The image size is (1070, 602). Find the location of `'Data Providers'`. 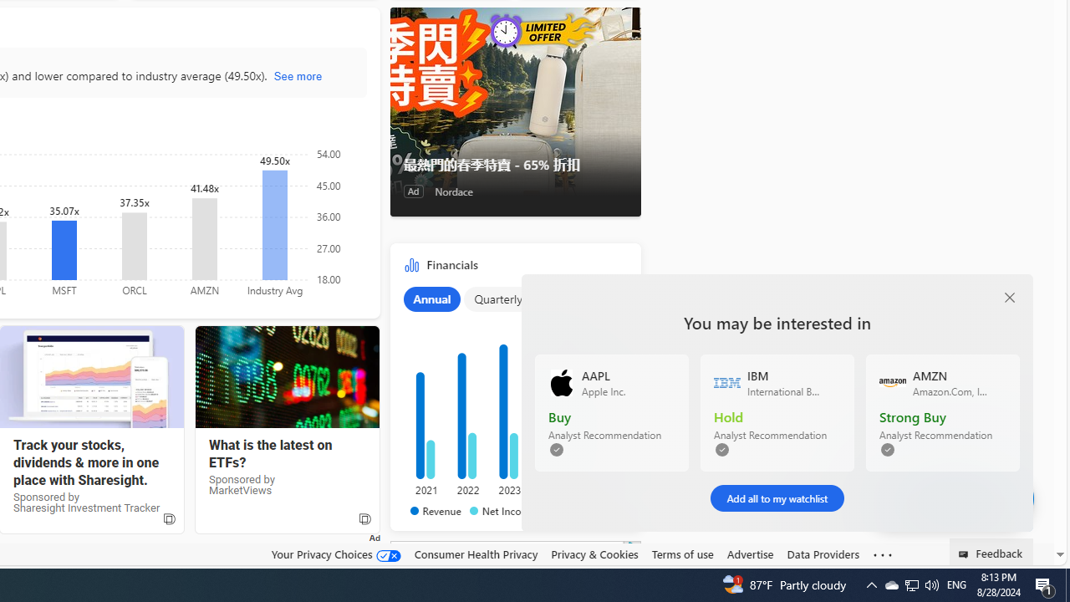

'Data Providers' is located at coordinates (823, 554).